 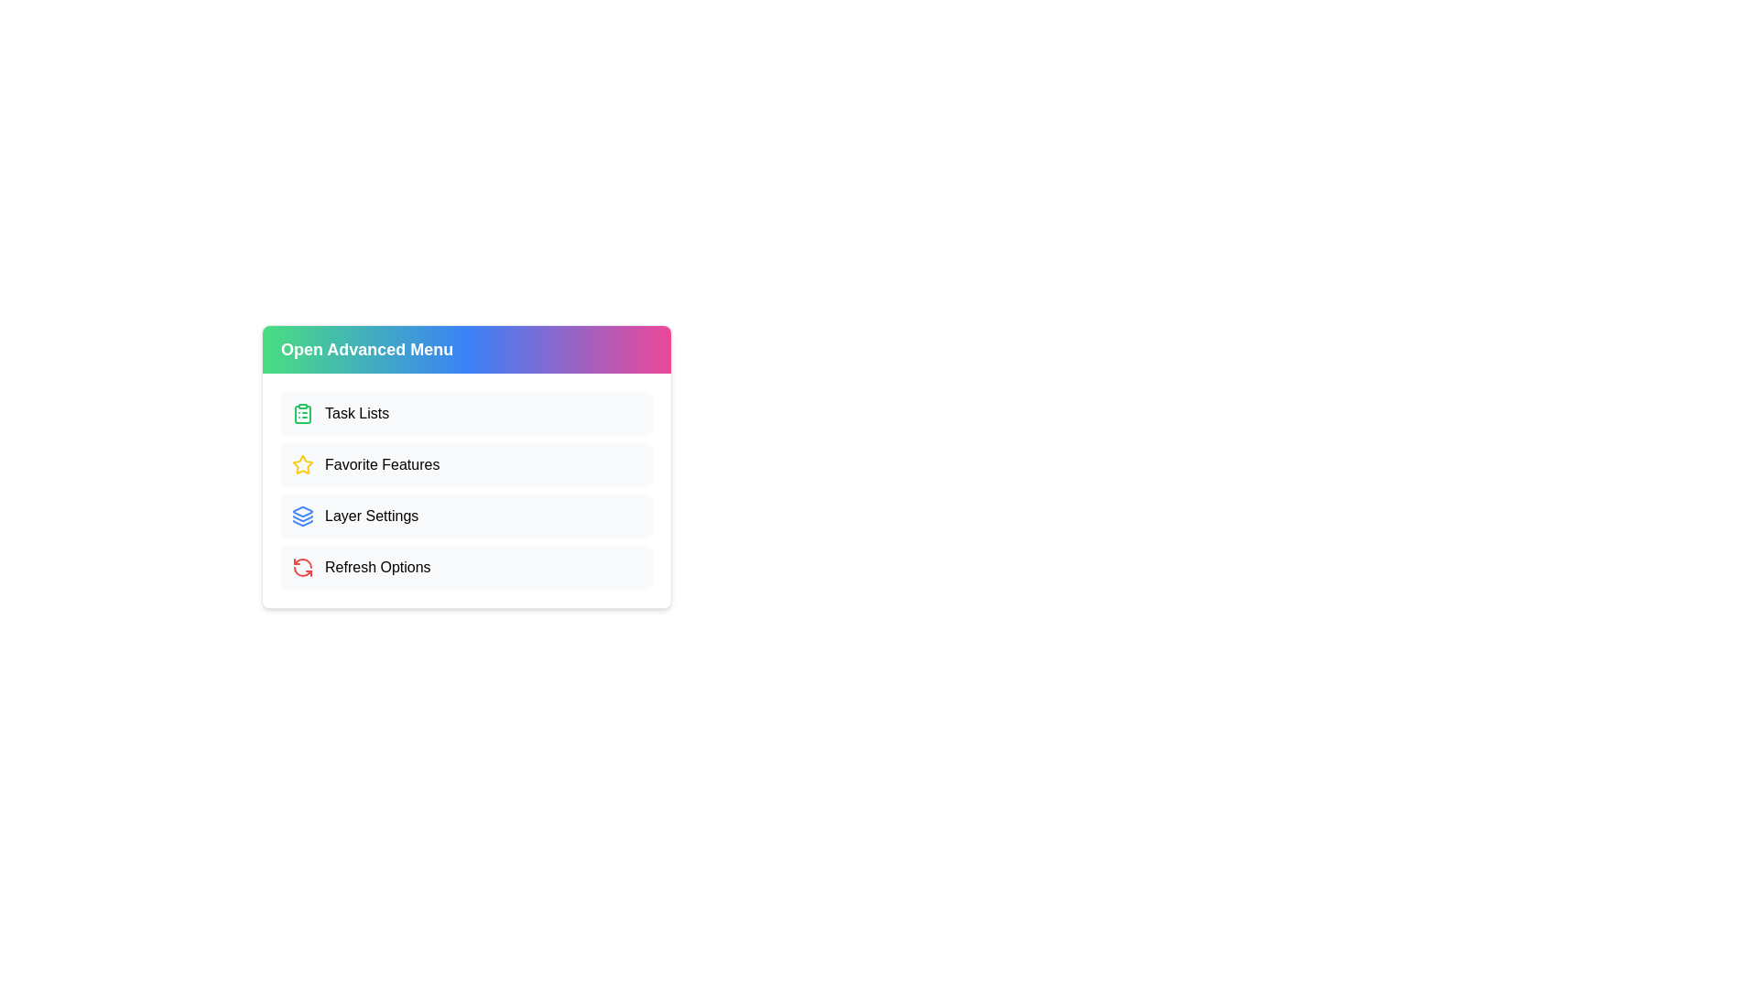 What do you see at coordinates (466, 464) in the screenshot?
I see `the 'Favorite Features' option in the menu` at bounding box center [466, 464].